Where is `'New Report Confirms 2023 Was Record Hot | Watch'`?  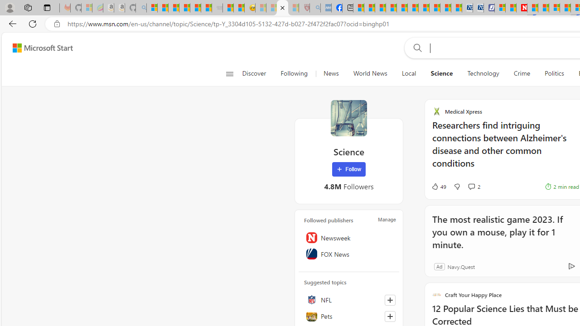
'New Report Confirms 2023 Was Record Hot | Watch' is located at coordinates (195, 8).